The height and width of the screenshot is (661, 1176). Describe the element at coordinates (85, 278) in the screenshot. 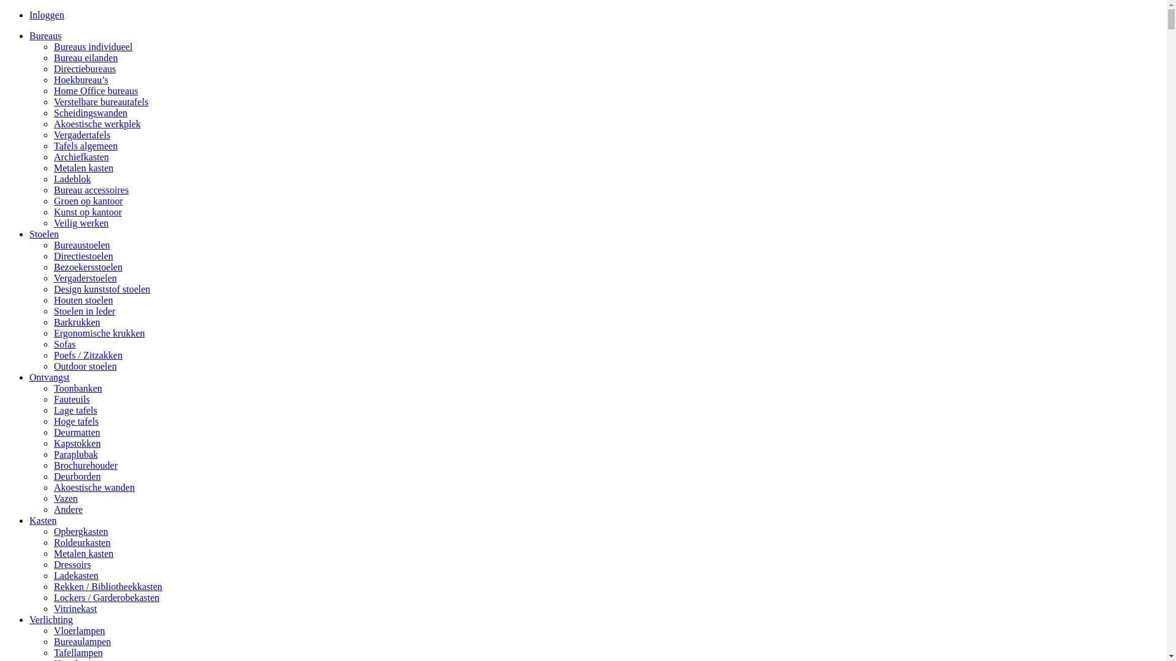

I see `'Vergaderstoelen'` at that location.